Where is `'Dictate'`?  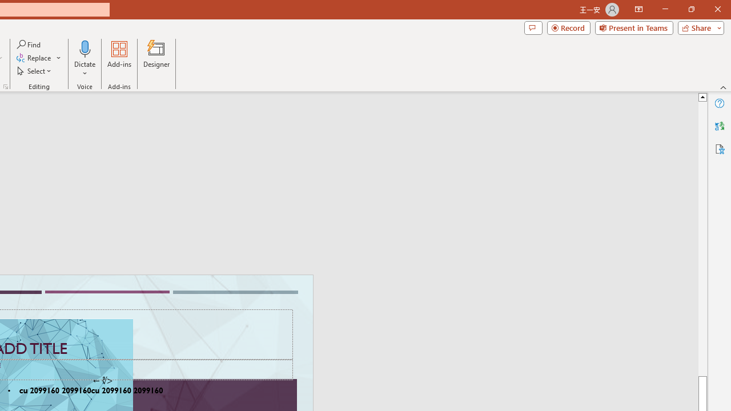 'Dictate' is located at coordinates (85, 48).